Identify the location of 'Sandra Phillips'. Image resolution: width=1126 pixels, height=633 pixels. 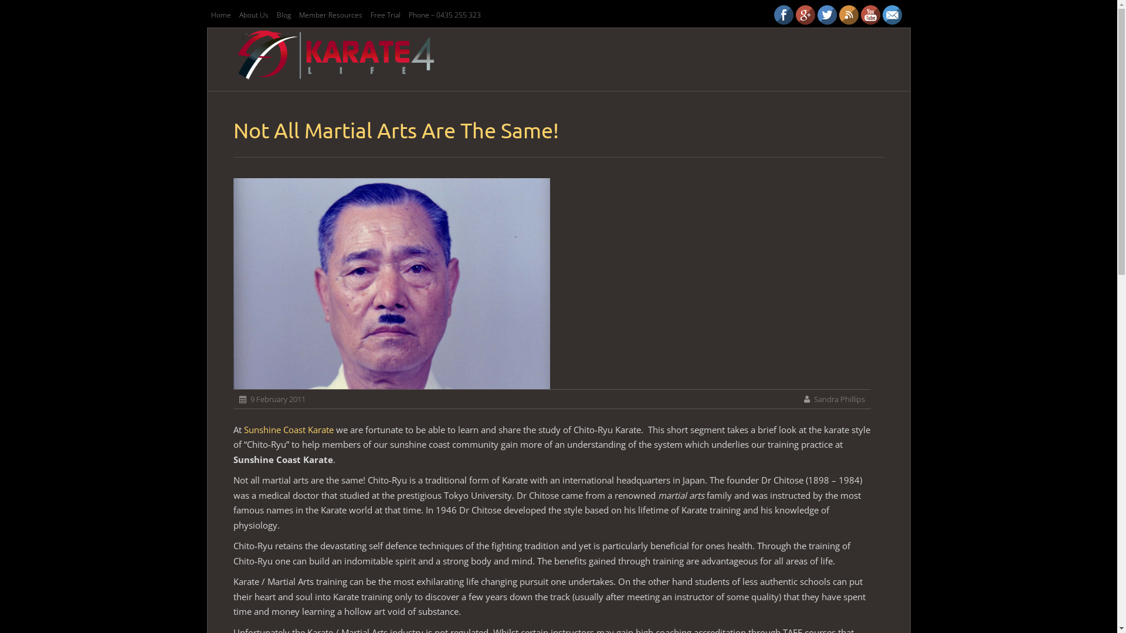
(839, 399).